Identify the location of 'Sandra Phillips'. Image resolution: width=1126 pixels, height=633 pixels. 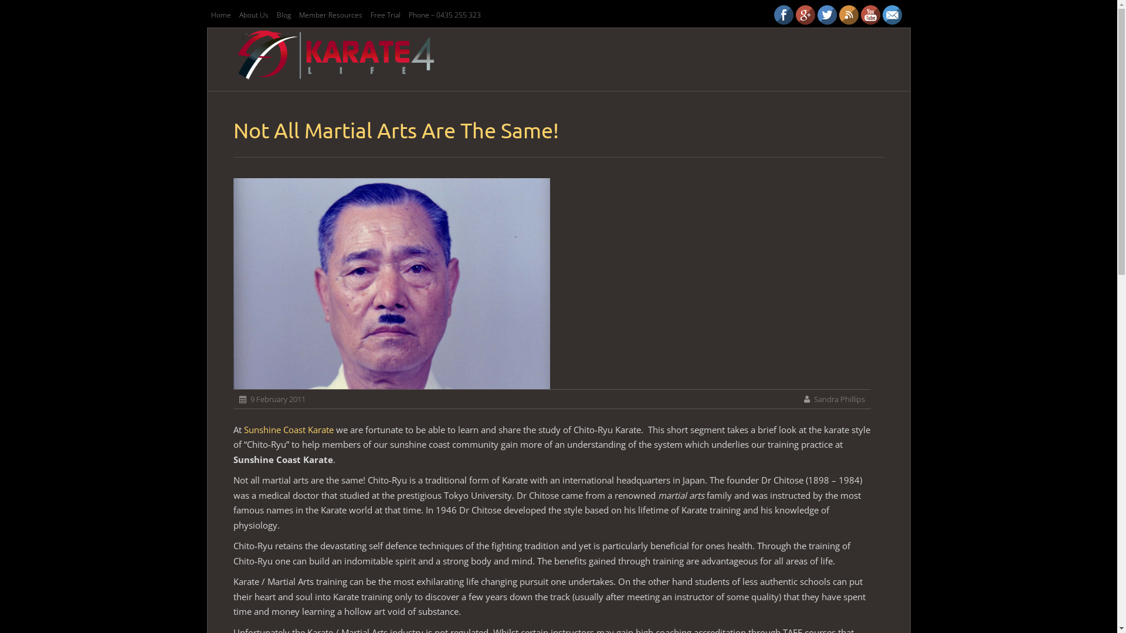
(839, 399).